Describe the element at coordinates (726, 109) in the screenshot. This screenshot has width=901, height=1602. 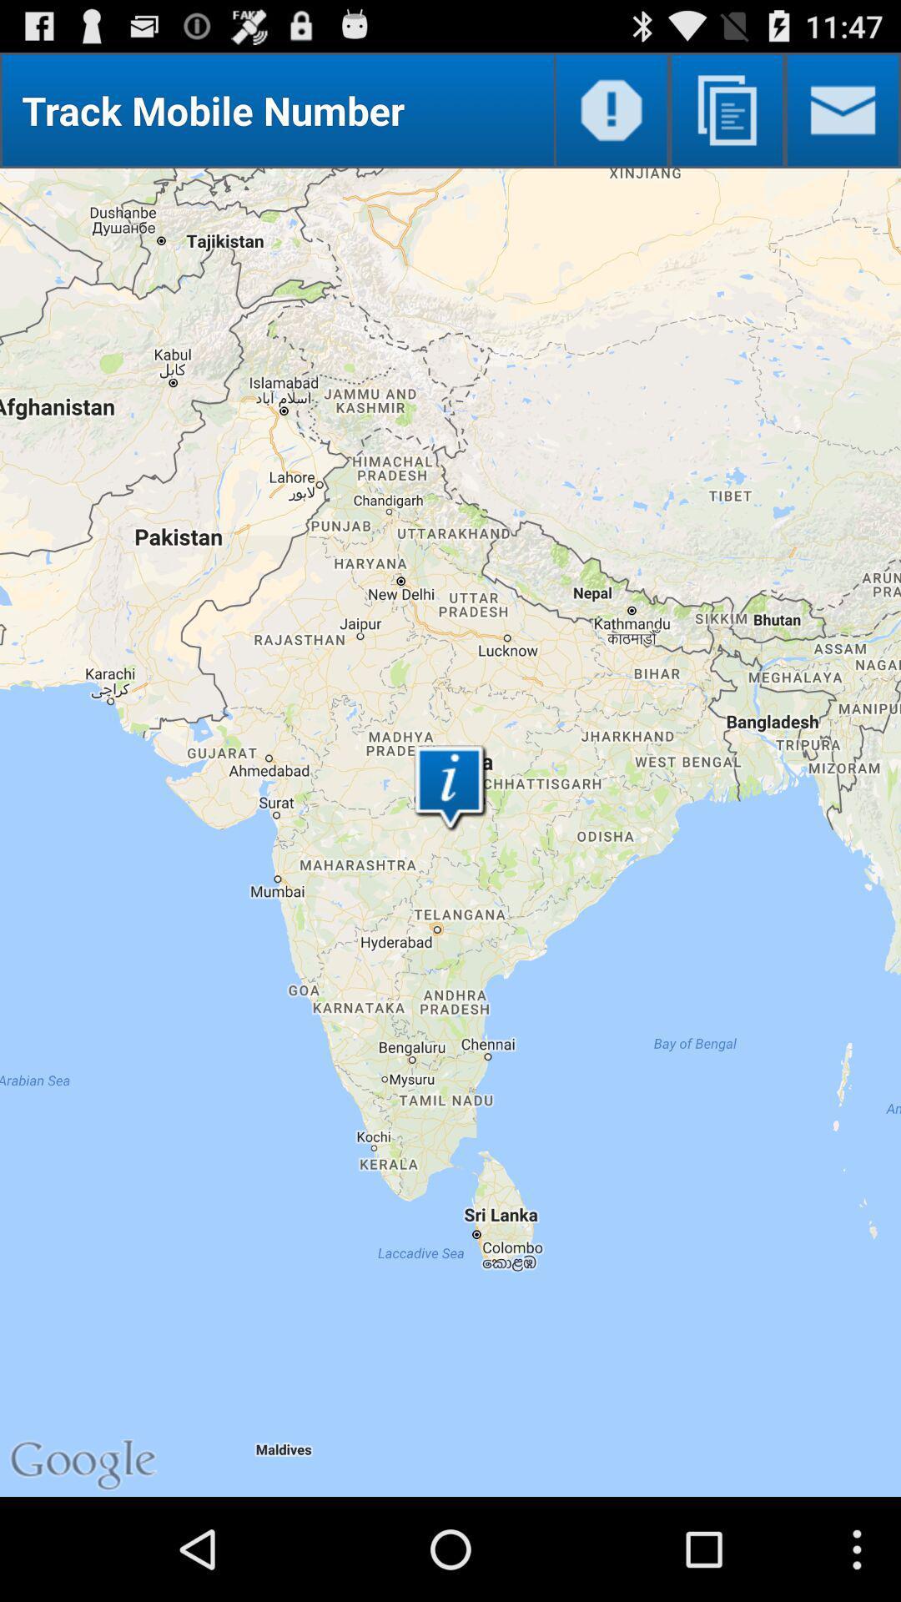
I see `copy` at that location.